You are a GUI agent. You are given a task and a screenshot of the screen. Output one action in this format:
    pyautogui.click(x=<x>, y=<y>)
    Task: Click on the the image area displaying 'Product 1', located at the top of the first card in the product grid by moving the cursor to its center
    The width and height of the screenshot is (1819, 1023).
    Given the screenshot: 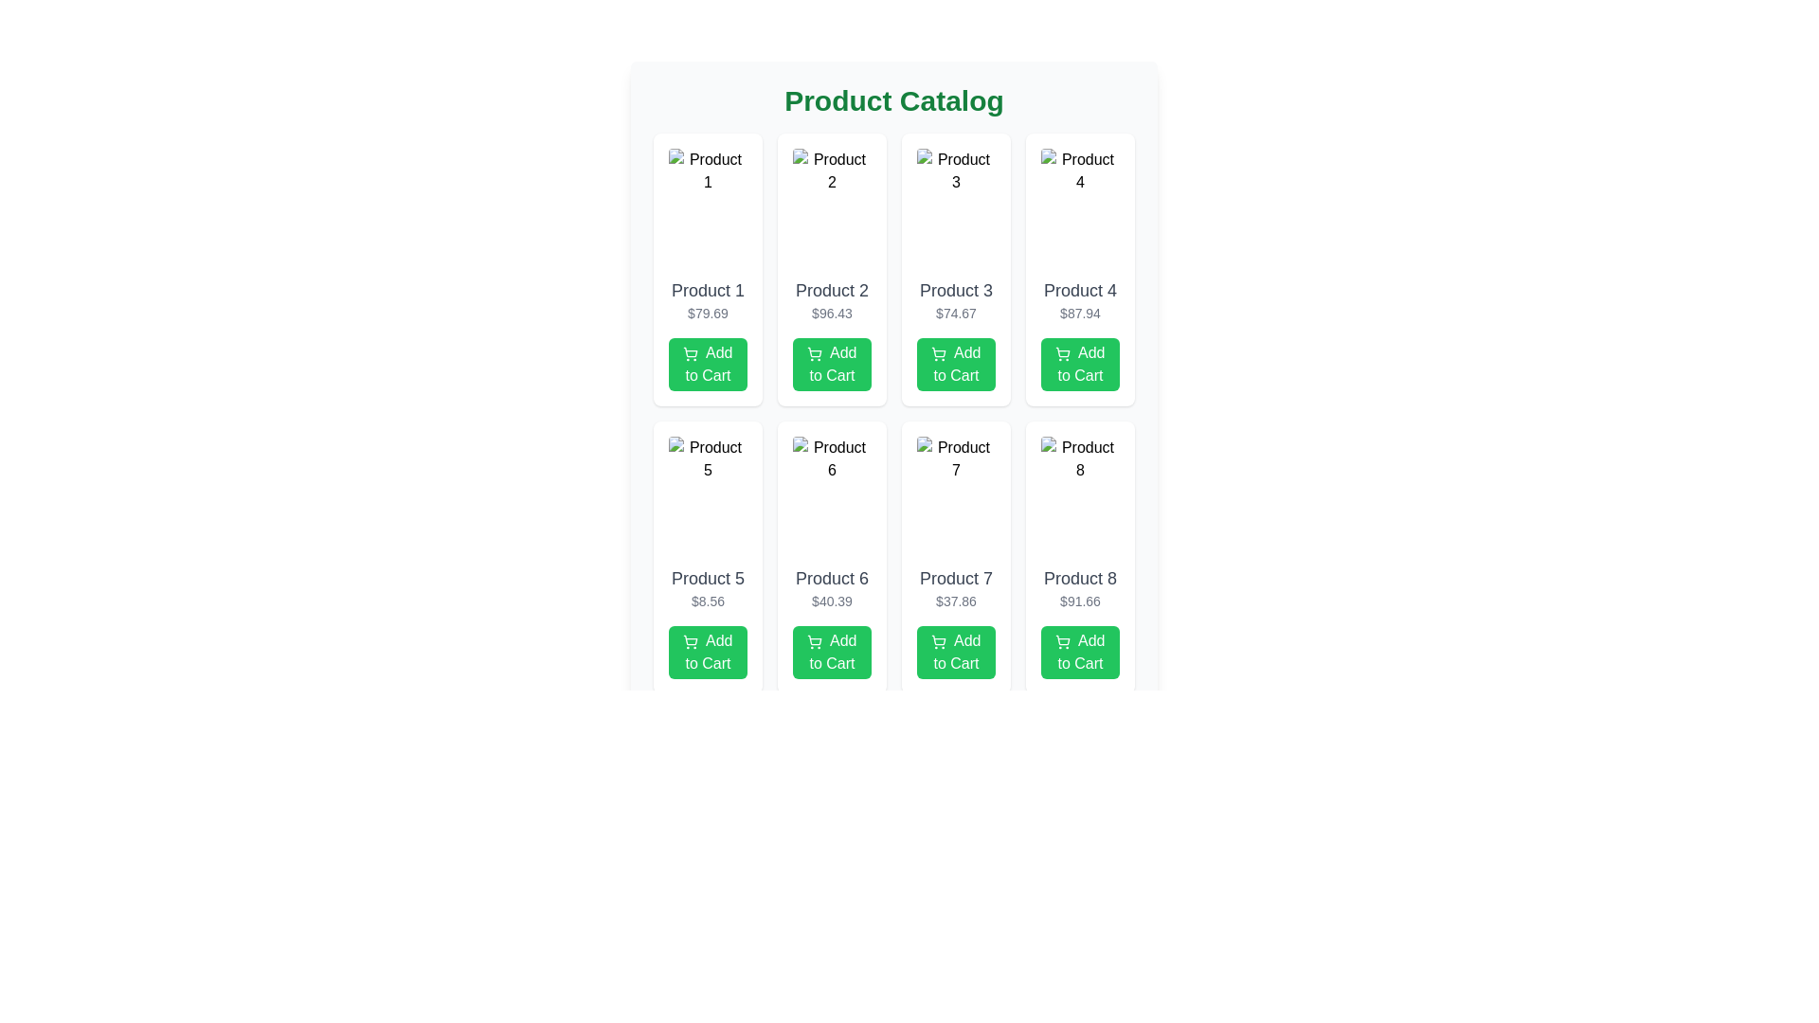 What is the action you would take?
    pyautogui.click(x=707, y=208)
    